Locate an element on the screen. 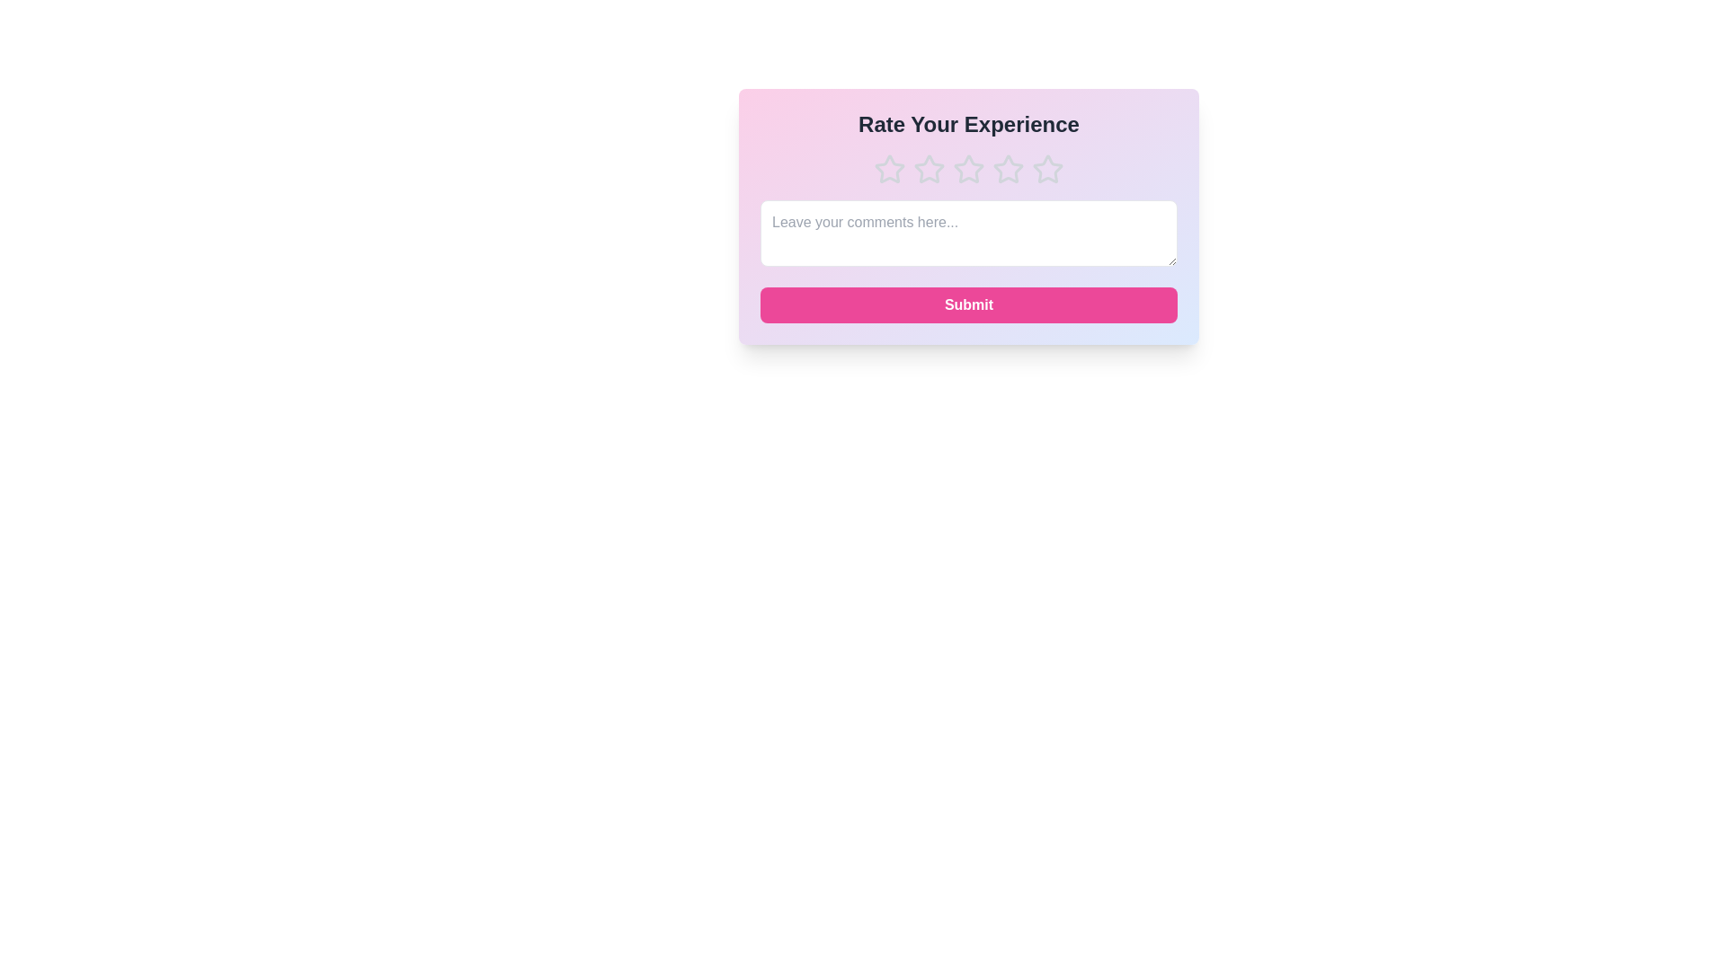 The image size is (1726, 970). the star corresponding to the rating 1 to set the experience rating is located at coordinates (889, 170).